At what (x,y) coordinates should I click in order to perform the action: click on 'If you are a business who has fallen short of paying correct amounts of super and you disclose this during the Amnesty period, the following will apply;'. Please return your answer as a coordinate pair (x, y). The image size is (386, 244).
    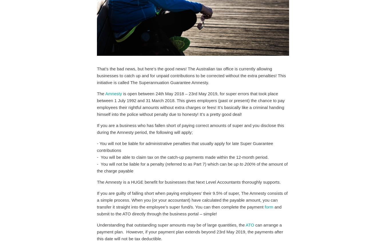
    Looking at the image, I should click on (191, 129).